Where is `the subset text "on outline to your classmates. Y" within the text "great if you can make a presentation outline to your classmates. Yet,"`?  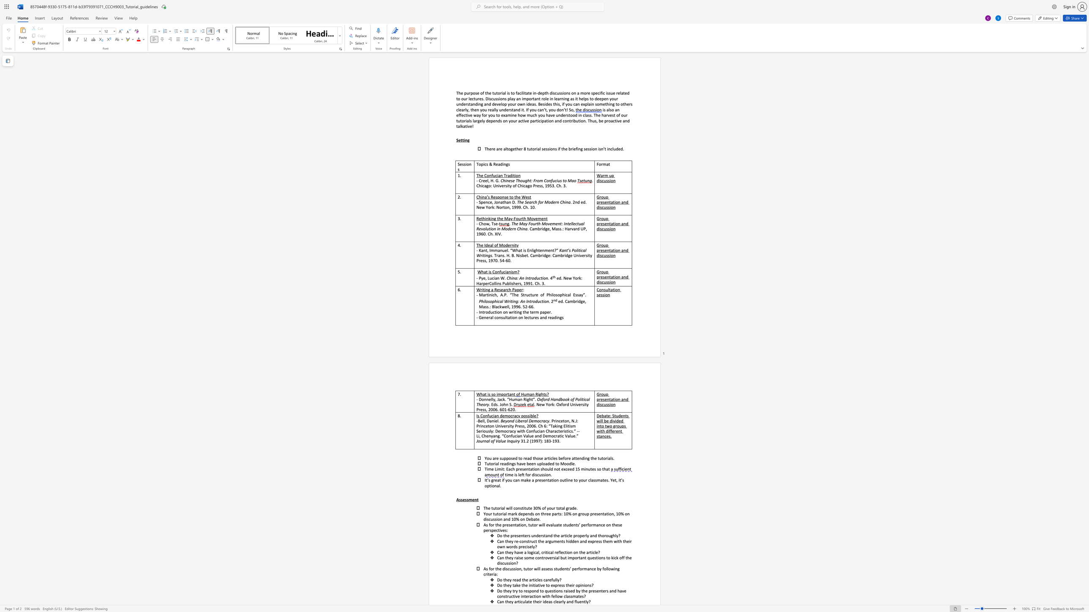 the subset text "on outline to your classmates. Y" within the text "great if you can make a presentation outline to your classmates. Yet," is located at coordinates (553, 480).